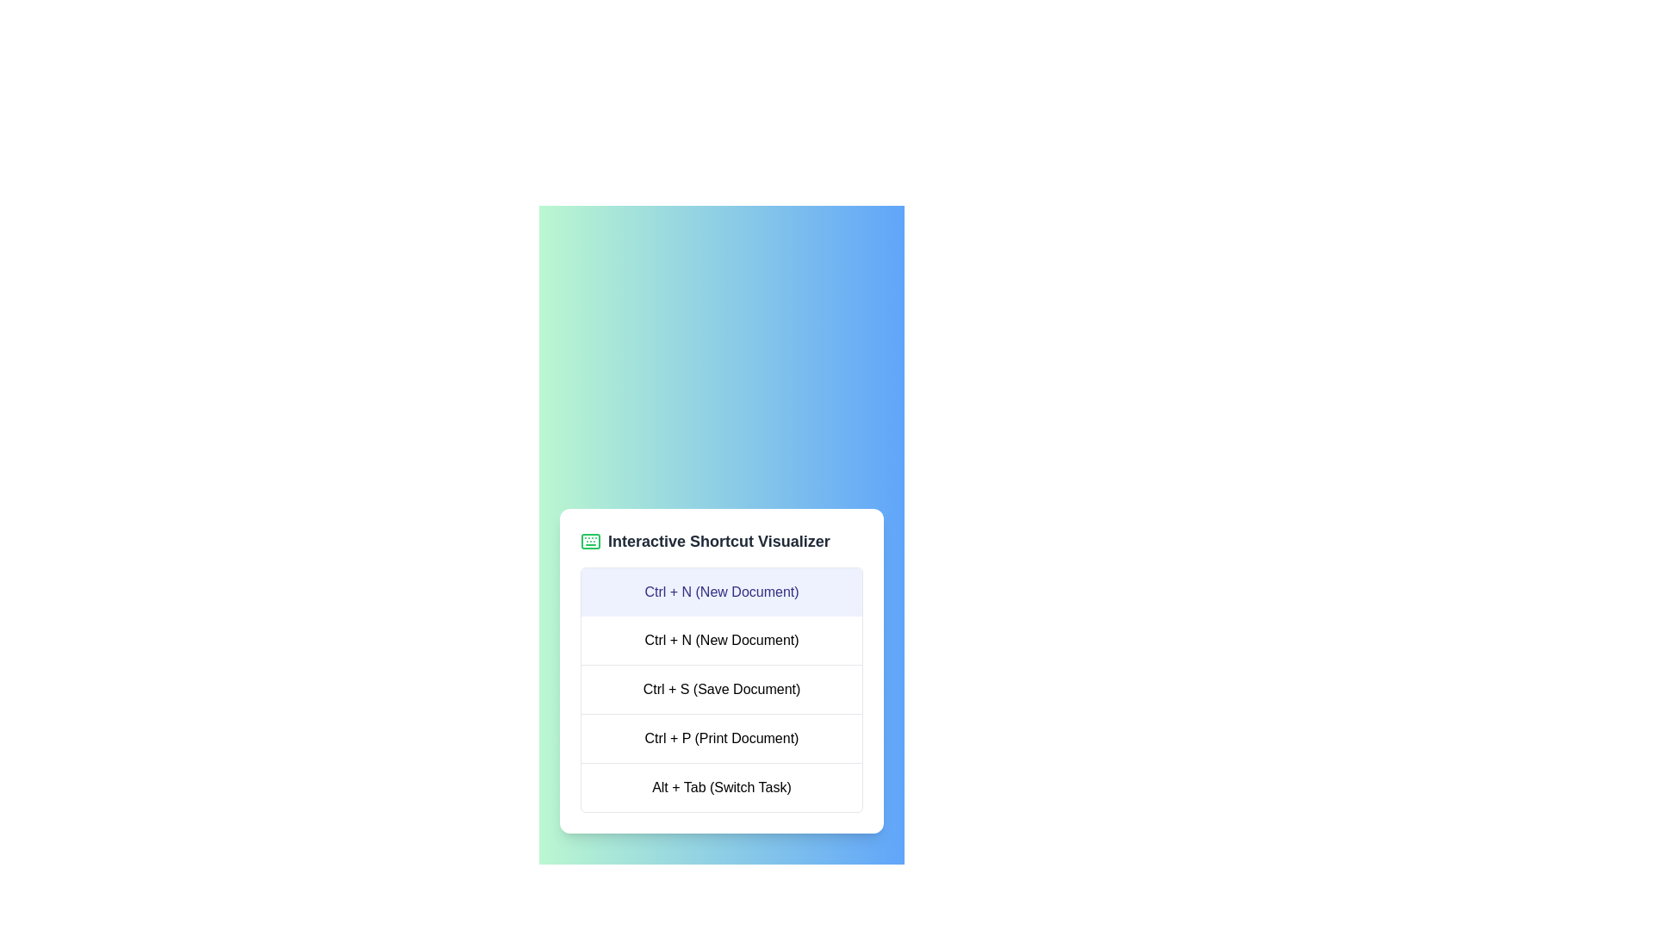 The height and width of the screenshot is (930, 1654). I want to click on the third selectable list item representing the keyboard shortcut 'Ctrl + P' for printing a document, which is located below 'Ctrl + S (Save Document)' and above 'Alt + Tab (Switch Task), so click(722, 736).